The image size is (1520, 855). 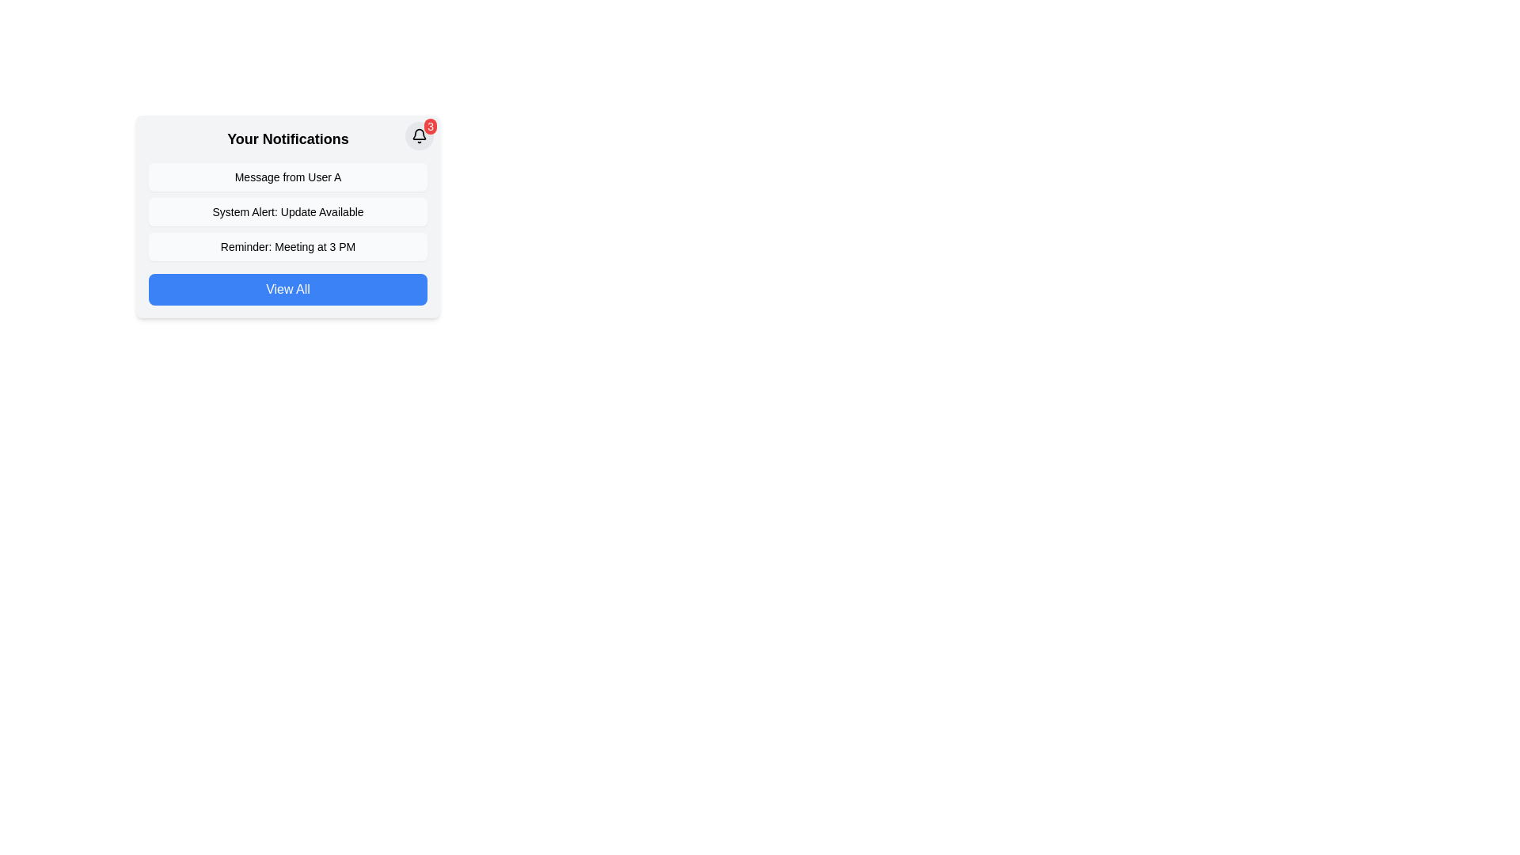 What do you see at coordinates (288, 211) in the screenshot?
I see `the static notification card that displays a system alert message about an available update, located between 'Message from User A' and 'Reminder: Meeting at 3 PM'` at bounding box center [288, 211].